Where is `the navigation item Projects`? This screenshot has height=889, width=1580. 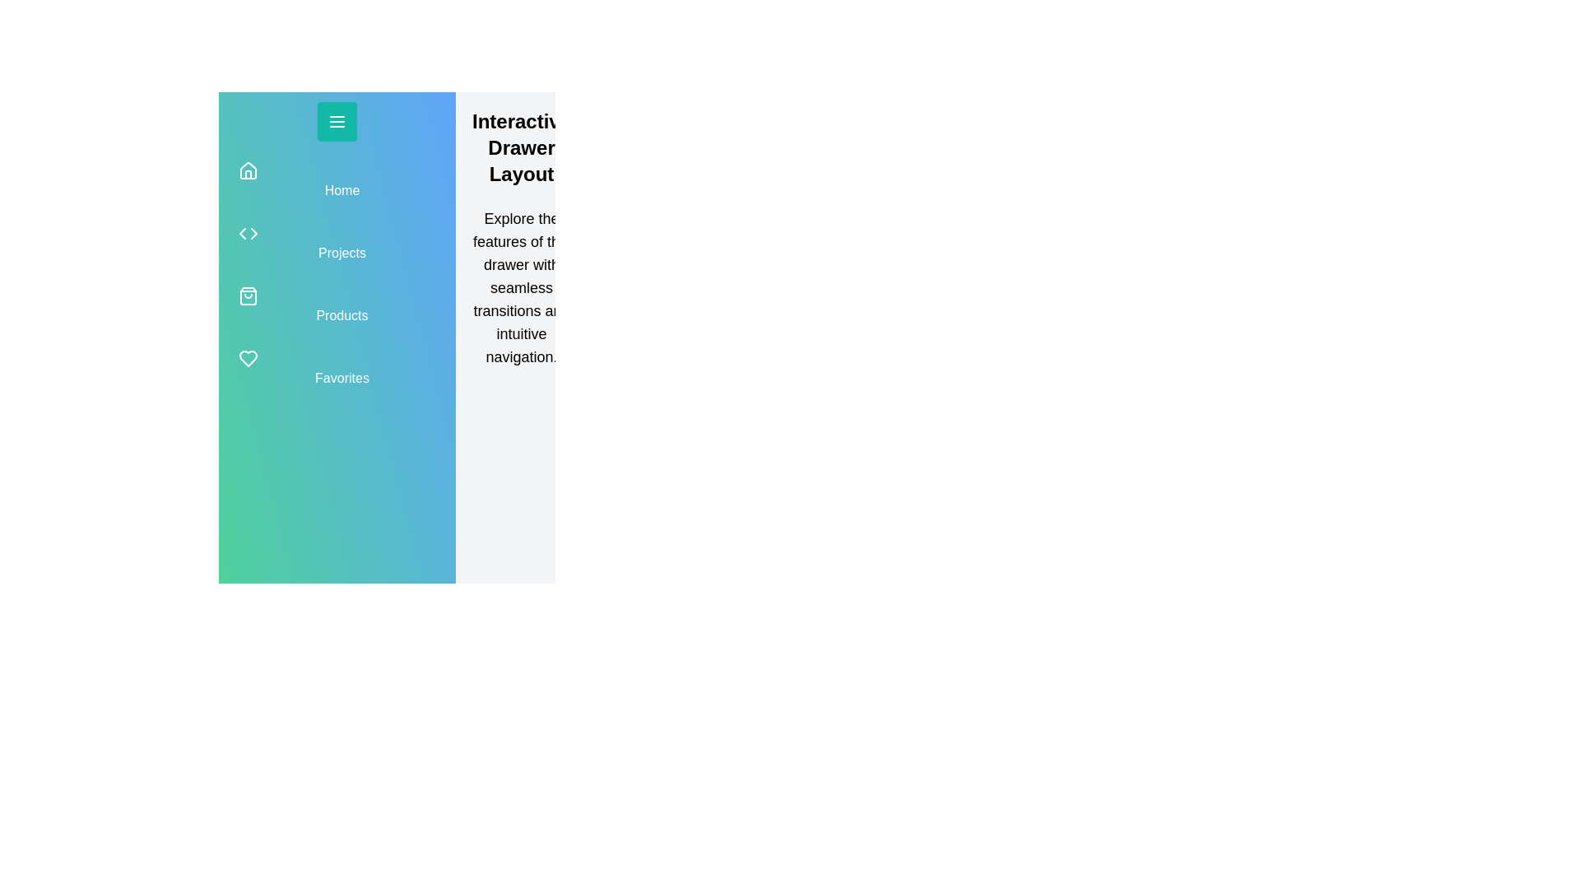
the navigation item Projects is located at coordinates (336, 244).